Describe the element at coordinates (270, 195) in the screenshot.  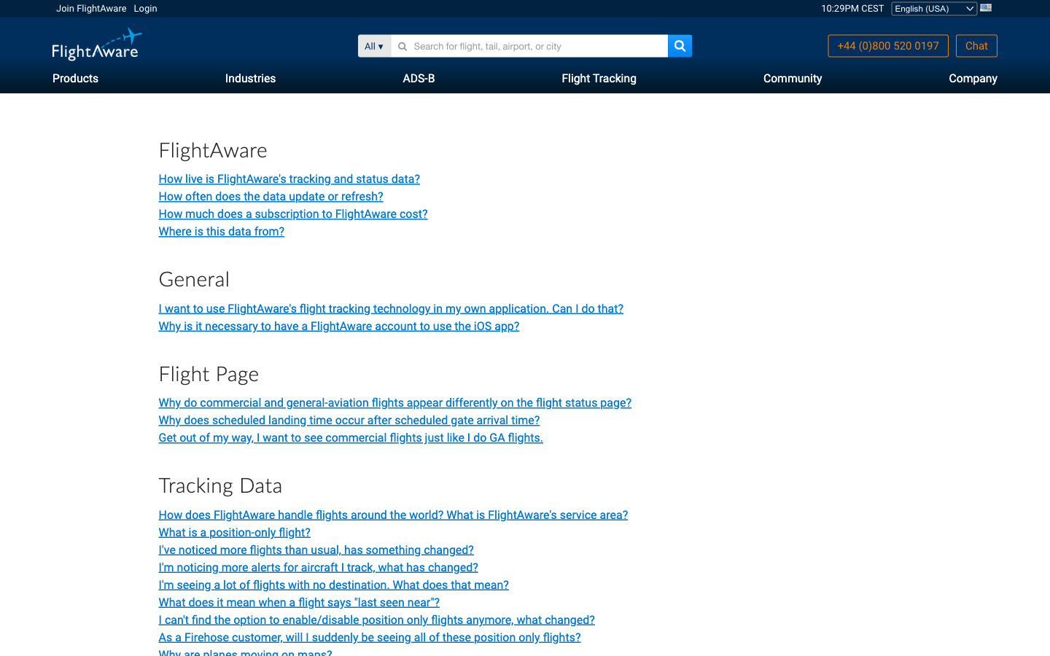
I see `Determine the frequency of data updates on FlightAware` at that location.